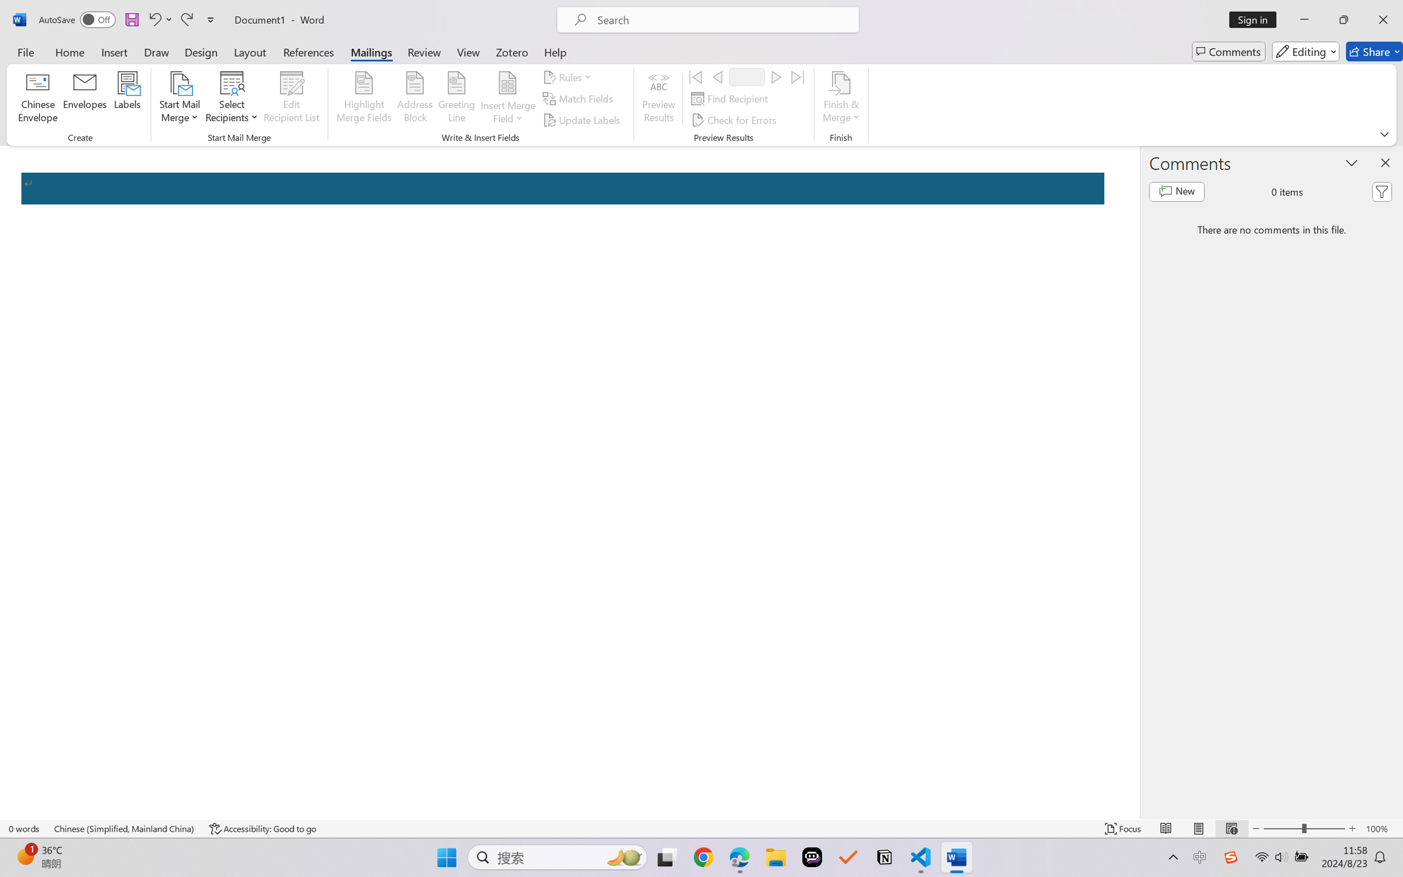 This screenshot has height=877, width=1403. I want to click on 'Match Fields...', so click(579, 99).